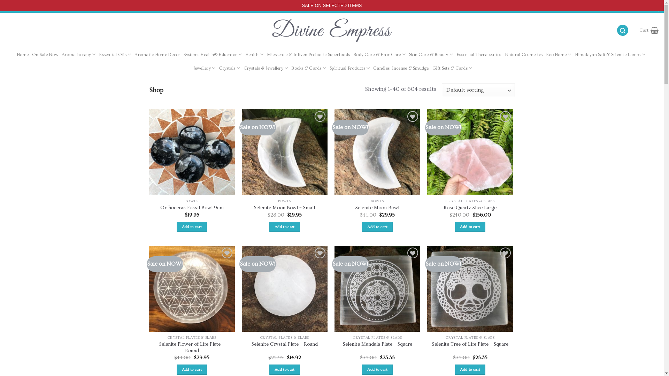 The width and height of the screenshot is (669, 376). Describe the element at coordinates (648, 30) in the screenshot. I see `'Cart'` at that location.